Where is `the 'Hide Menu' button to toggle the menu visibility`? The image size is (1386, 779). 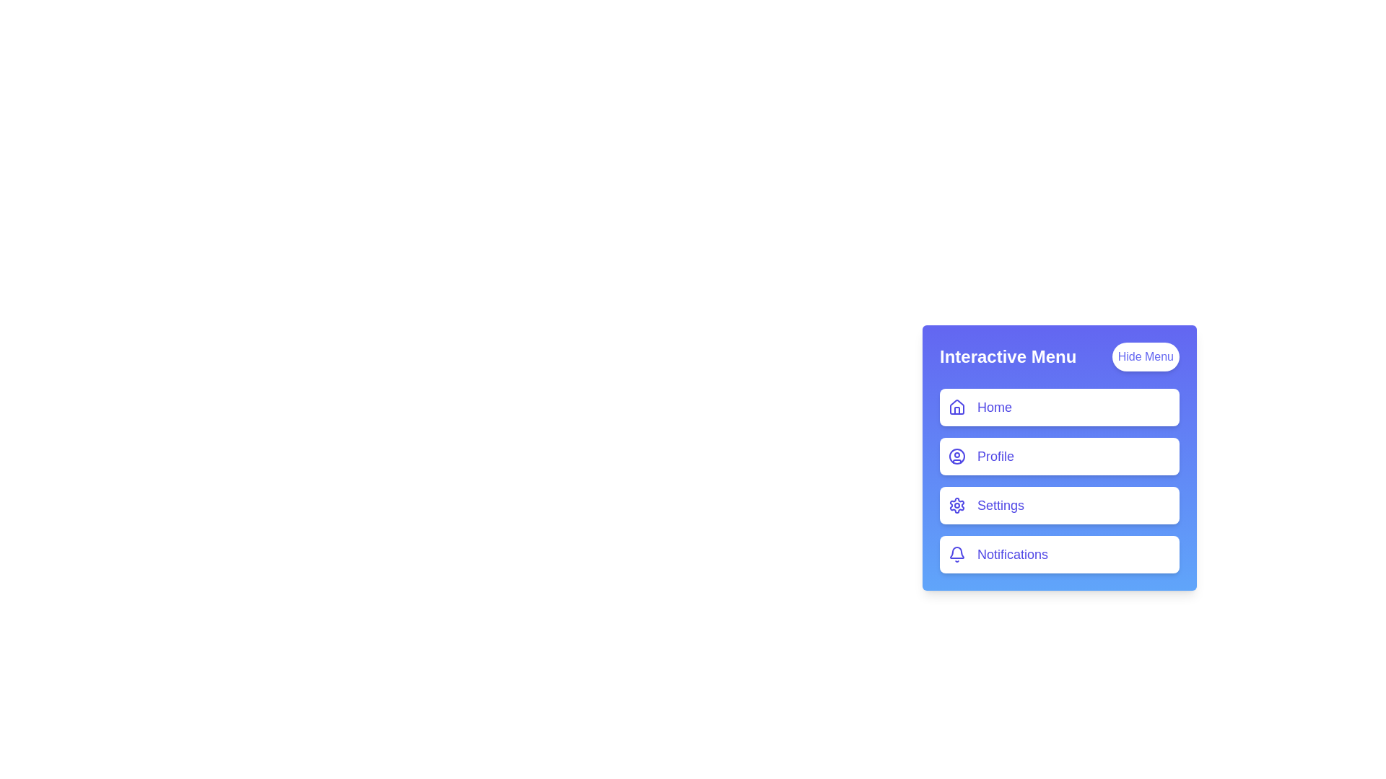 the 'Hide Menu' button to toggle the menu visibility is located at coordinates (1145, 356).